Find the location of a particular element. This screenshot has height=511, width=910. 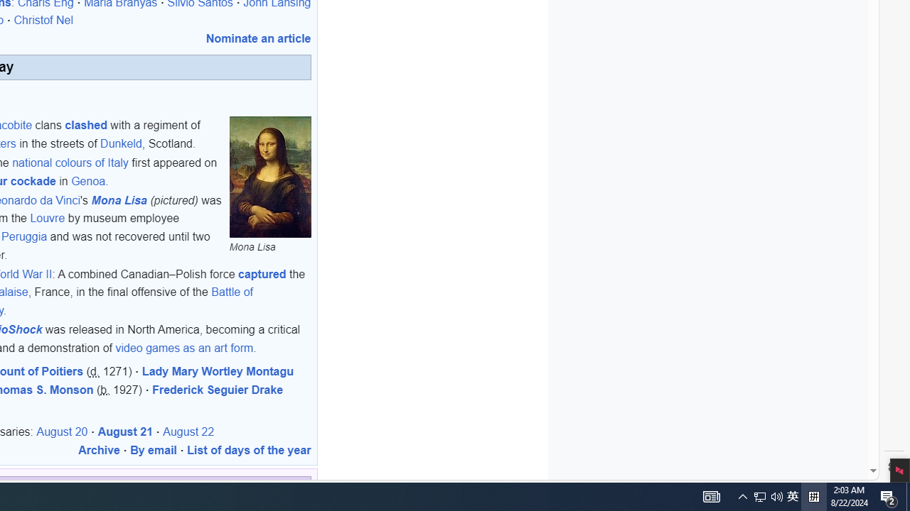

'Dunkeld' is located at coordinates (121, 143).